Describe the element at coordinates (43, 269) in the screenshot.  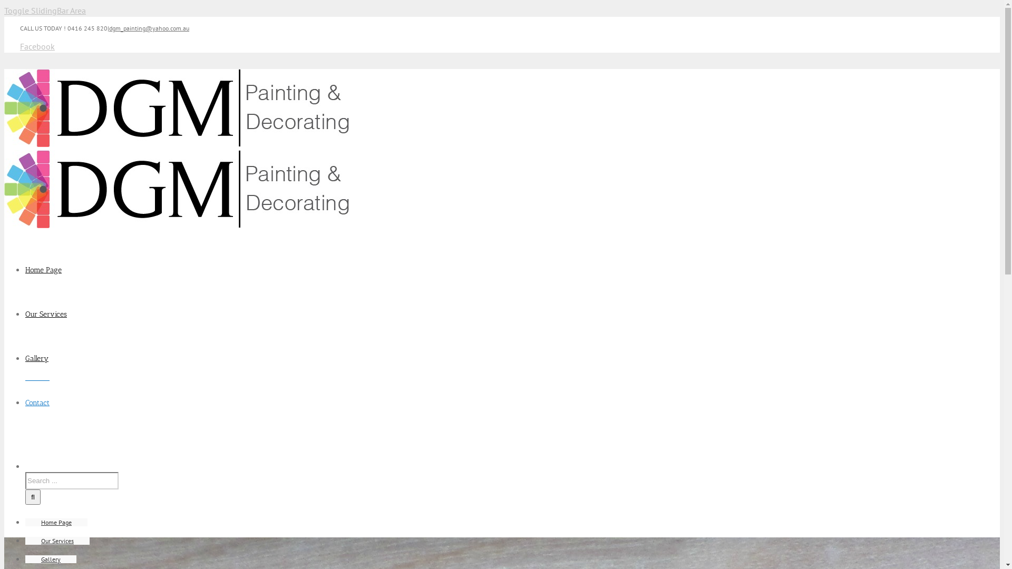
I see `'Home Page'` at that location.